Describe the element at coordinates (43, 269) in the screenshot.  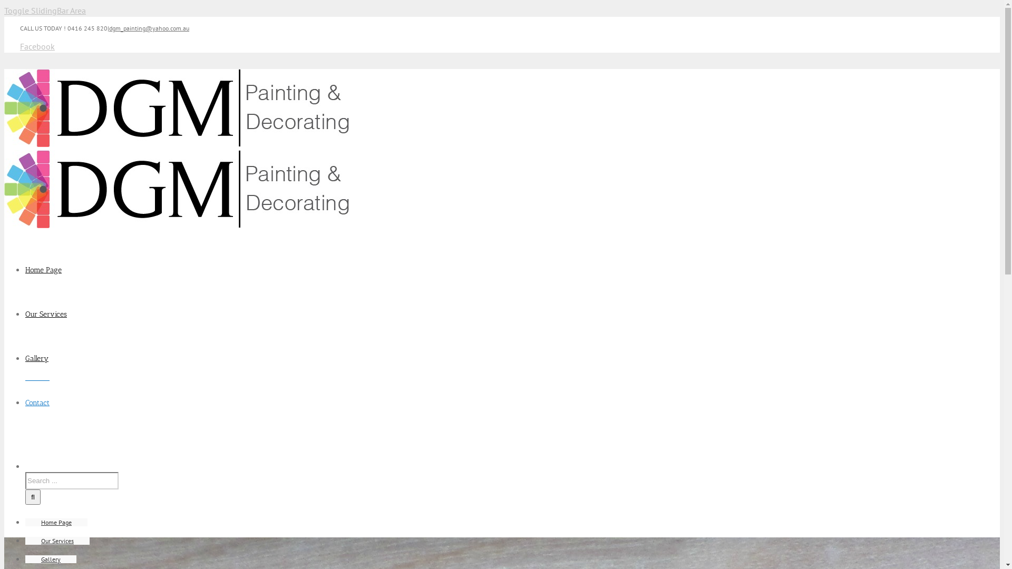
I see `'Home Page'` at that location.